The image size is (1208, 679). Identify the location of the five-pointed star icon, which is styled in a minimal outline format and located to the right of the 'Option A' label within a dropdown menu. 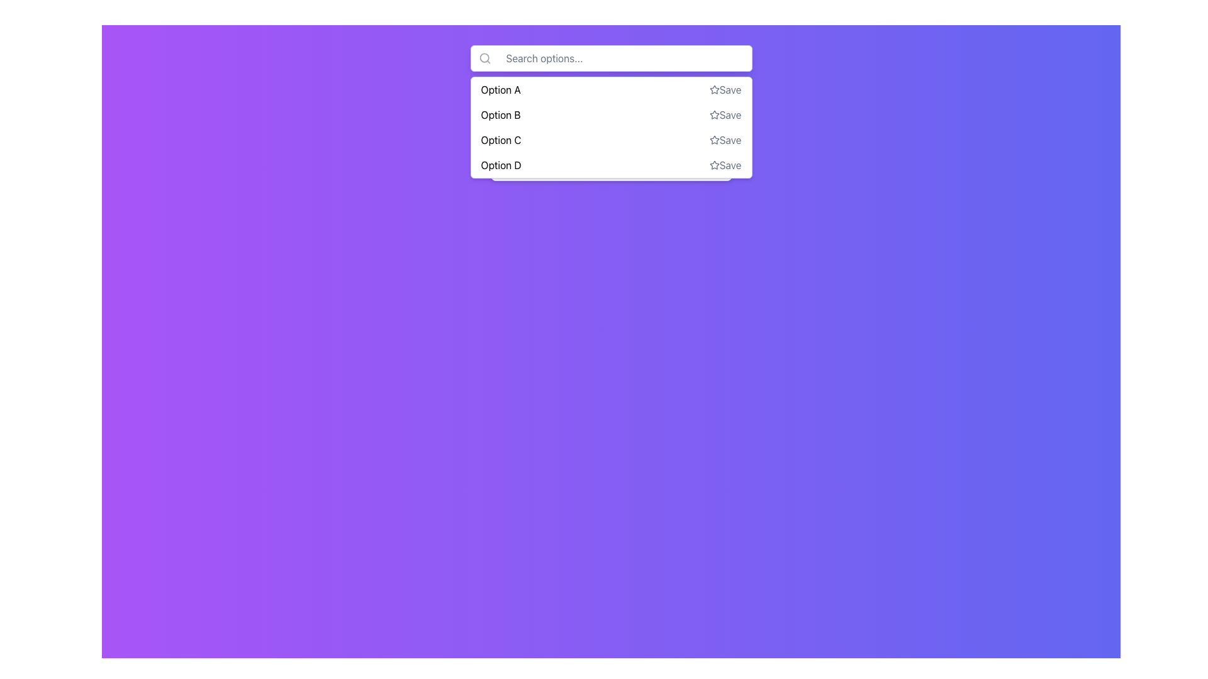
(714, 89).